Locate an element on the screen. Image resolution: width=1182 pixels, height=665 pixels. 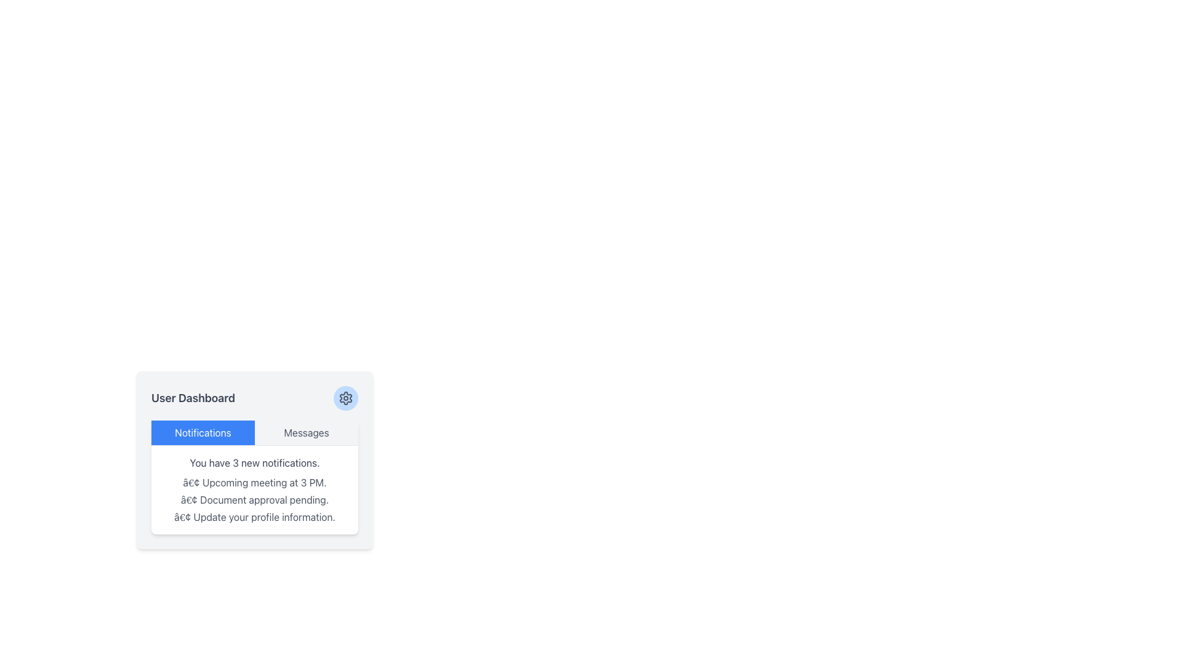
the 'Notifications' button, which is a rectangular button with white text on a bright blue background, located at the leftmost position of the User Dashboard card, adjacent to the 'Messages' button is located at coordinates (203, 432).